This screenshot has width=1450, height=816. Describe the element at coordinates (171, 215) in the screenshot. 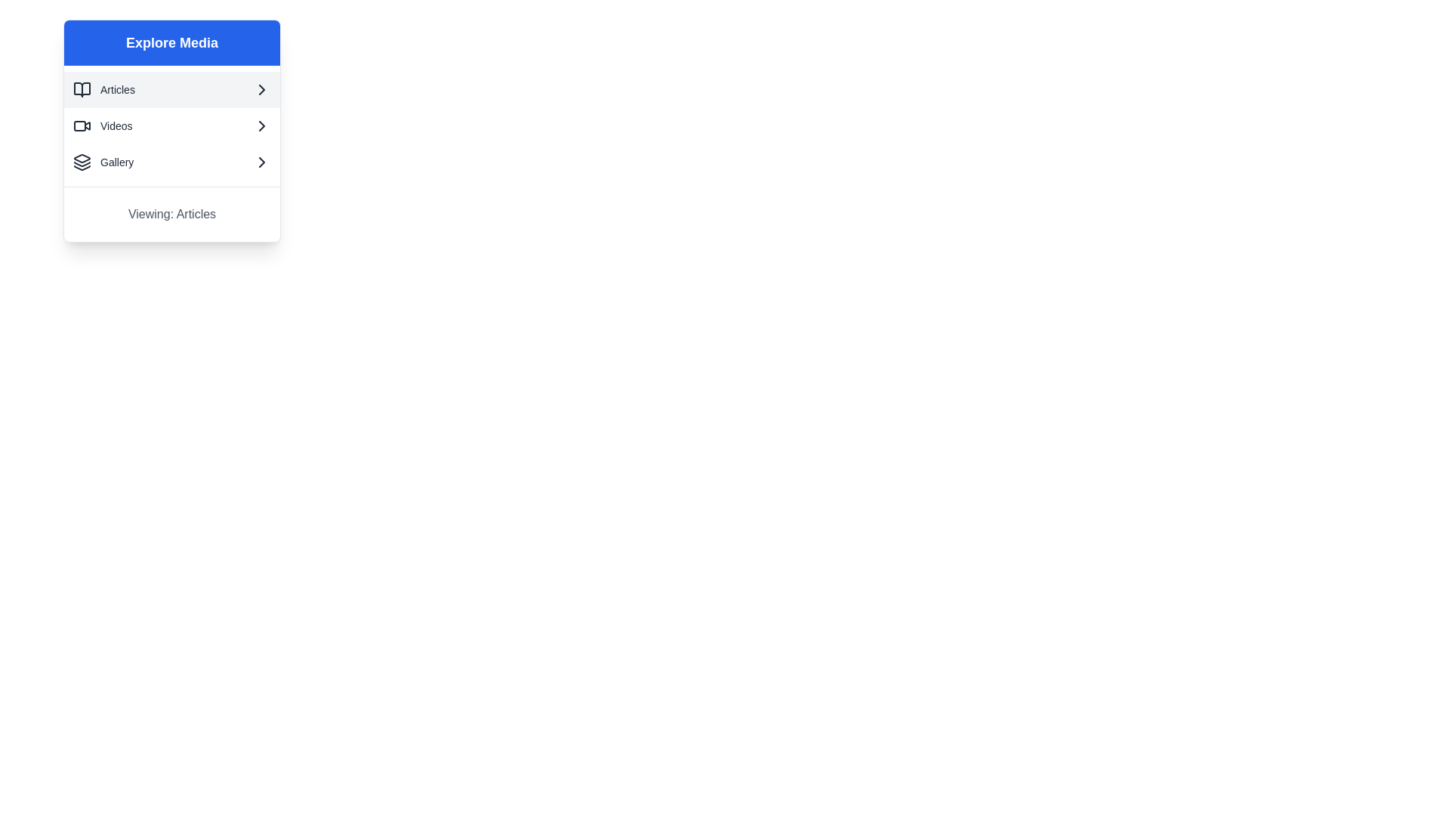

I see `the 'Currently Viewing Articles' text label located at the bottom of the vertical list in the 'Explore Media' section to possibly see additional information` at that location.